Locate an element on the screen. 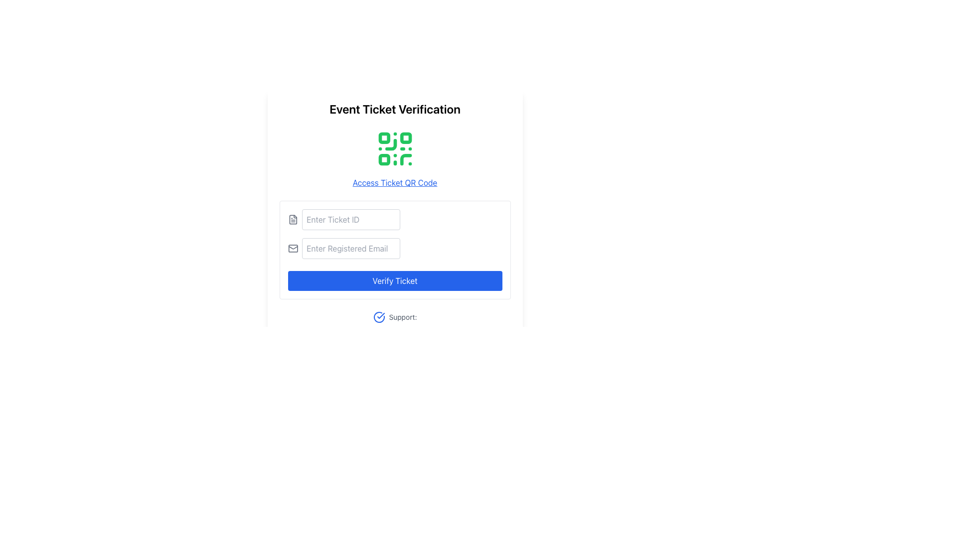  the status verification icon located to the left of the 'Support:' text at the center-bottom of the interface is located at coordinates (378, 317).